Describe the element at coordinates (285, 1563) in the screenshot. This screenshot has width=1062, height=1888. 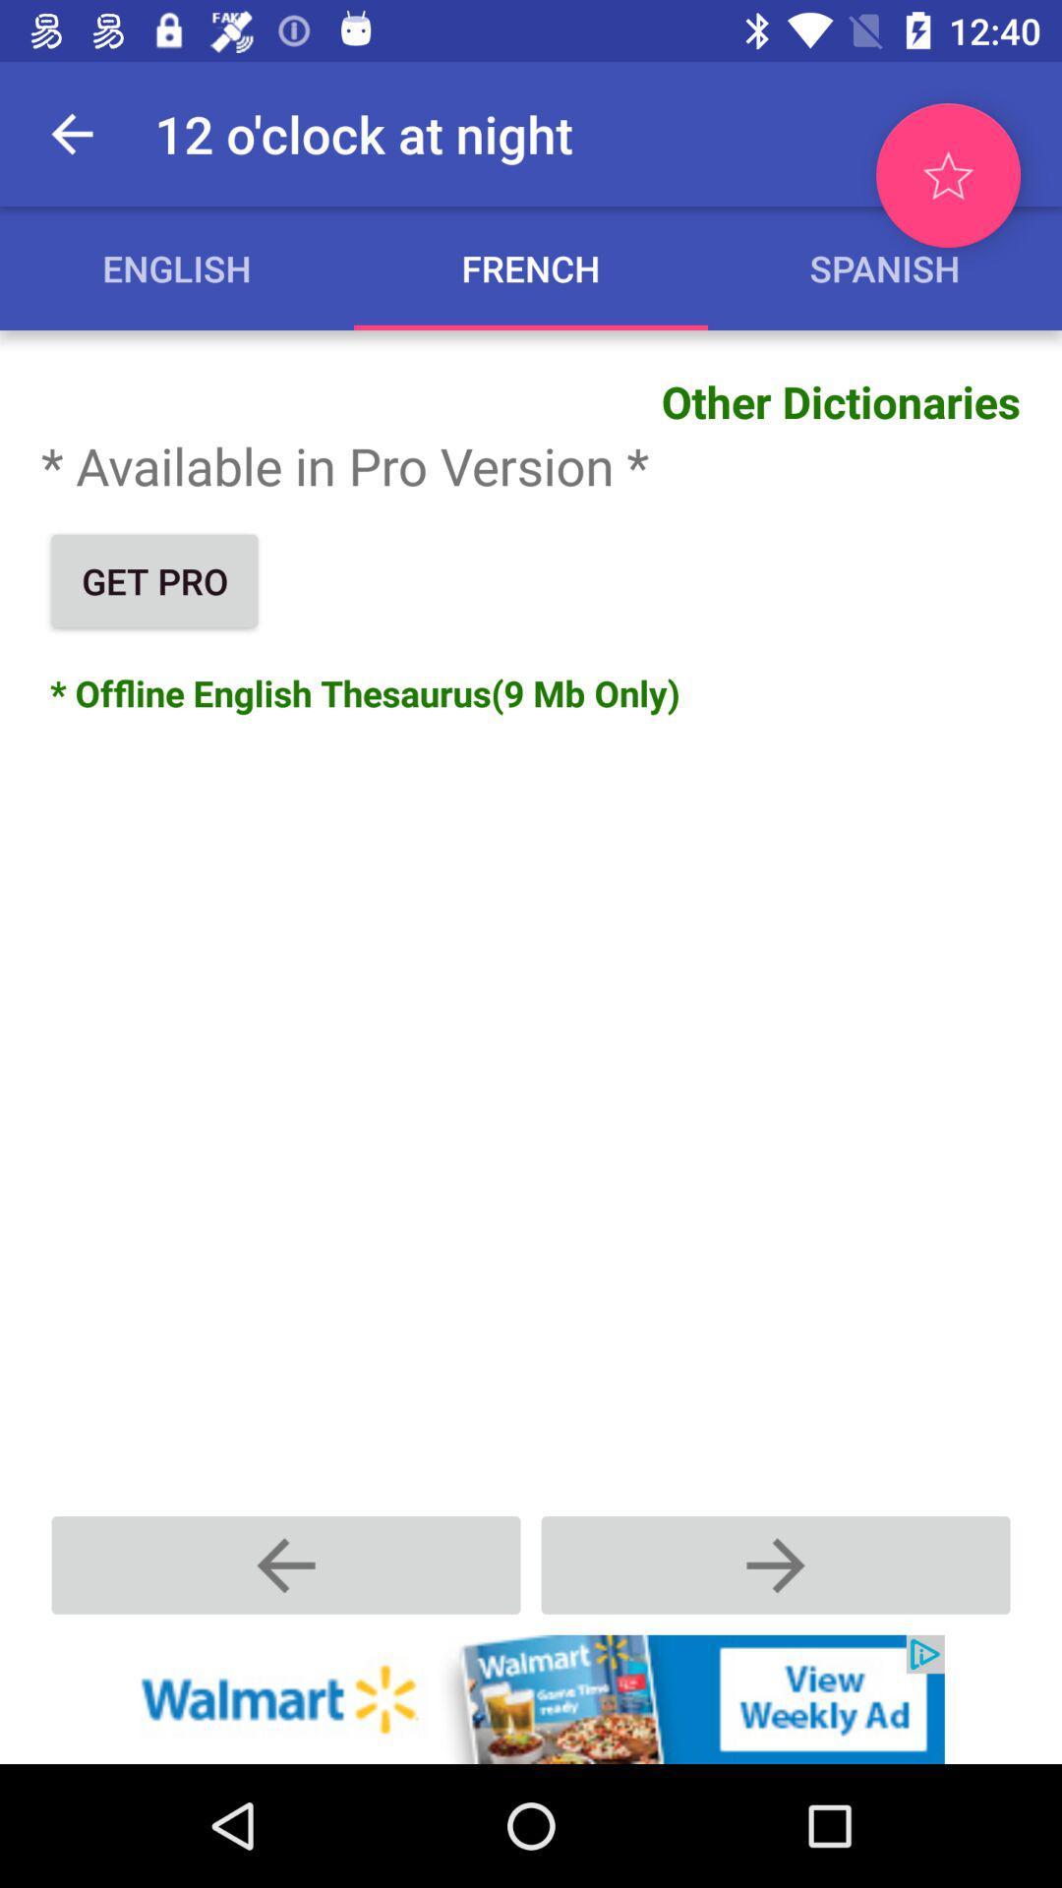
I see `go back` at that location.